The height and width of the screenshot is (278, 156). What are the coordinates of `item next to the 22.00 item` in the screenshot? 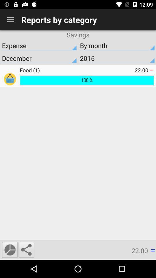 It's located at (26, 249).